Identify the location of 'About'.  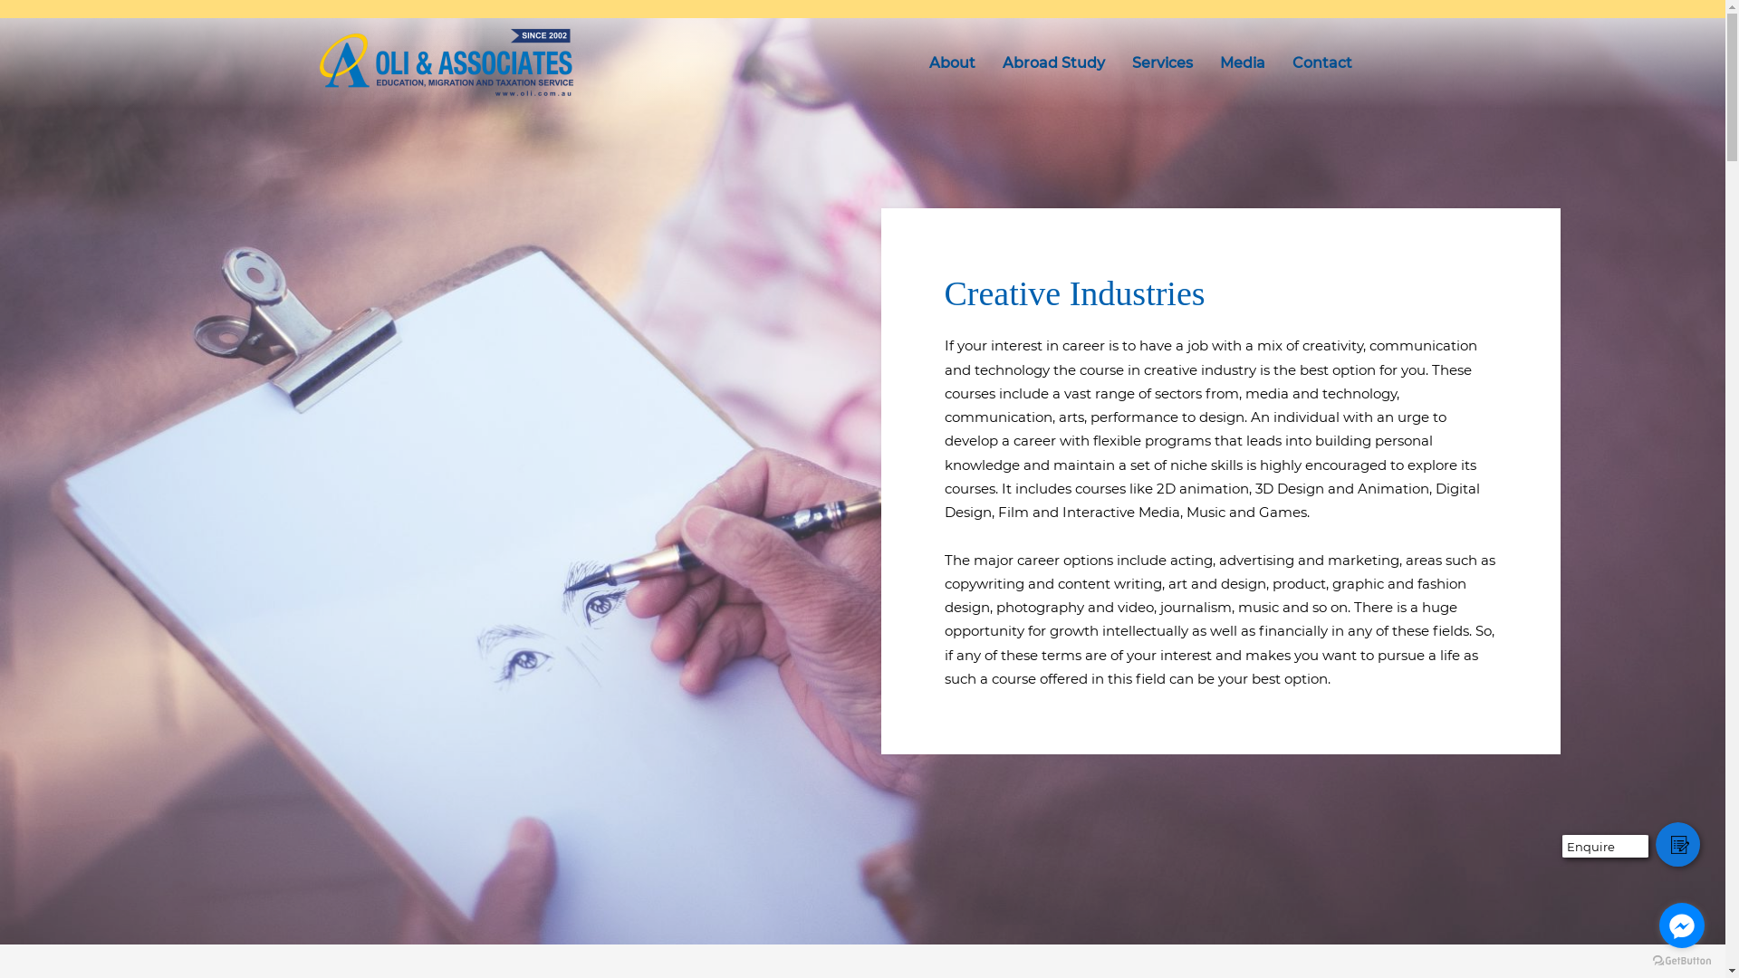
(914, 62).